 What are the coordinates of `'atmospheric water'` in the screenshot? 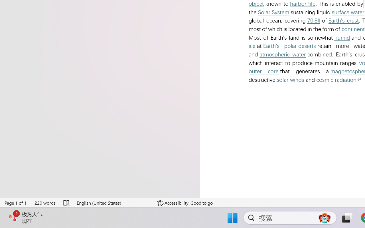 It's located at (283, 54).